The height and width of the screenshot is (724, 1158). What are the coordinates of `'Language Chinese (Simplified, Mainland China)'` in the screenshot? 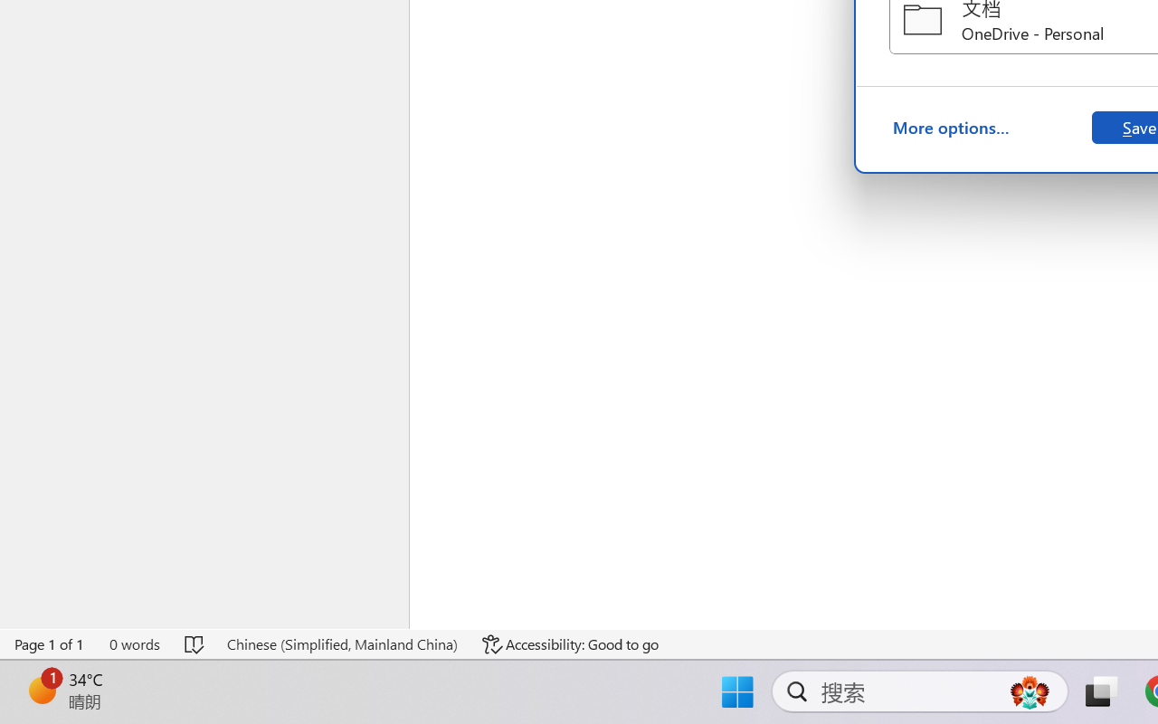 It's located at (342, 643).